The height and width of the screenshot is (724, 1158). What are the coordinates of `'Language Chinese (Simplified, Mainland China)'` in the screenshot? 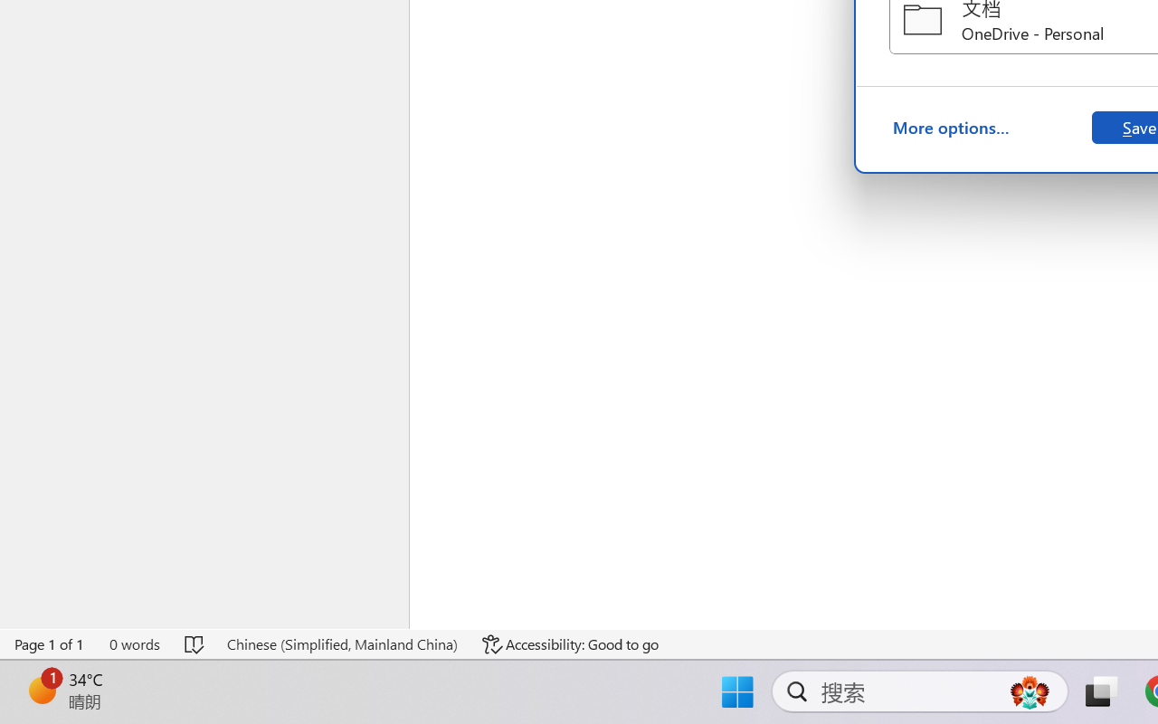 It's located at (342, 643).